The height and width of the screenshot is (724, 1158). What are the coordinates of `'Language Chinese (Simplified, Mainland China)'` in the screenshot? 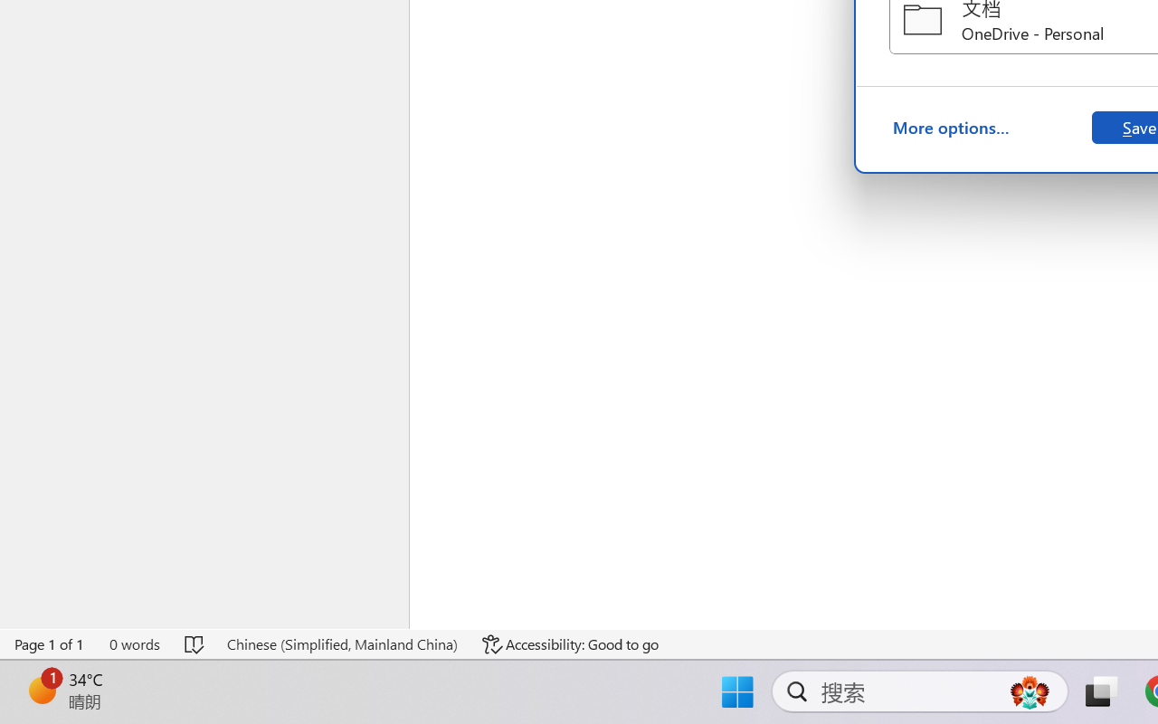 It's located at (342, 643).